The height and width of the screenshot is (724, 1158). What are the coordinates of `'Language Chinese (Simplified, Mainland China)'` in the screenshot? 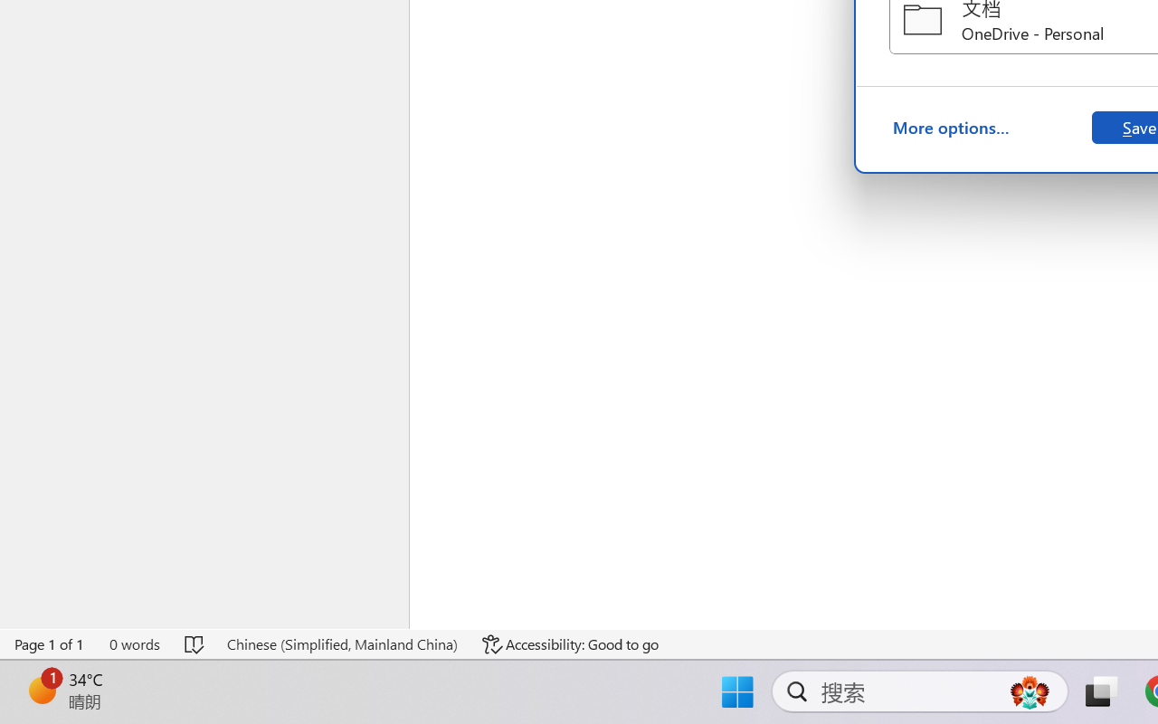 It's located at (342, 643).